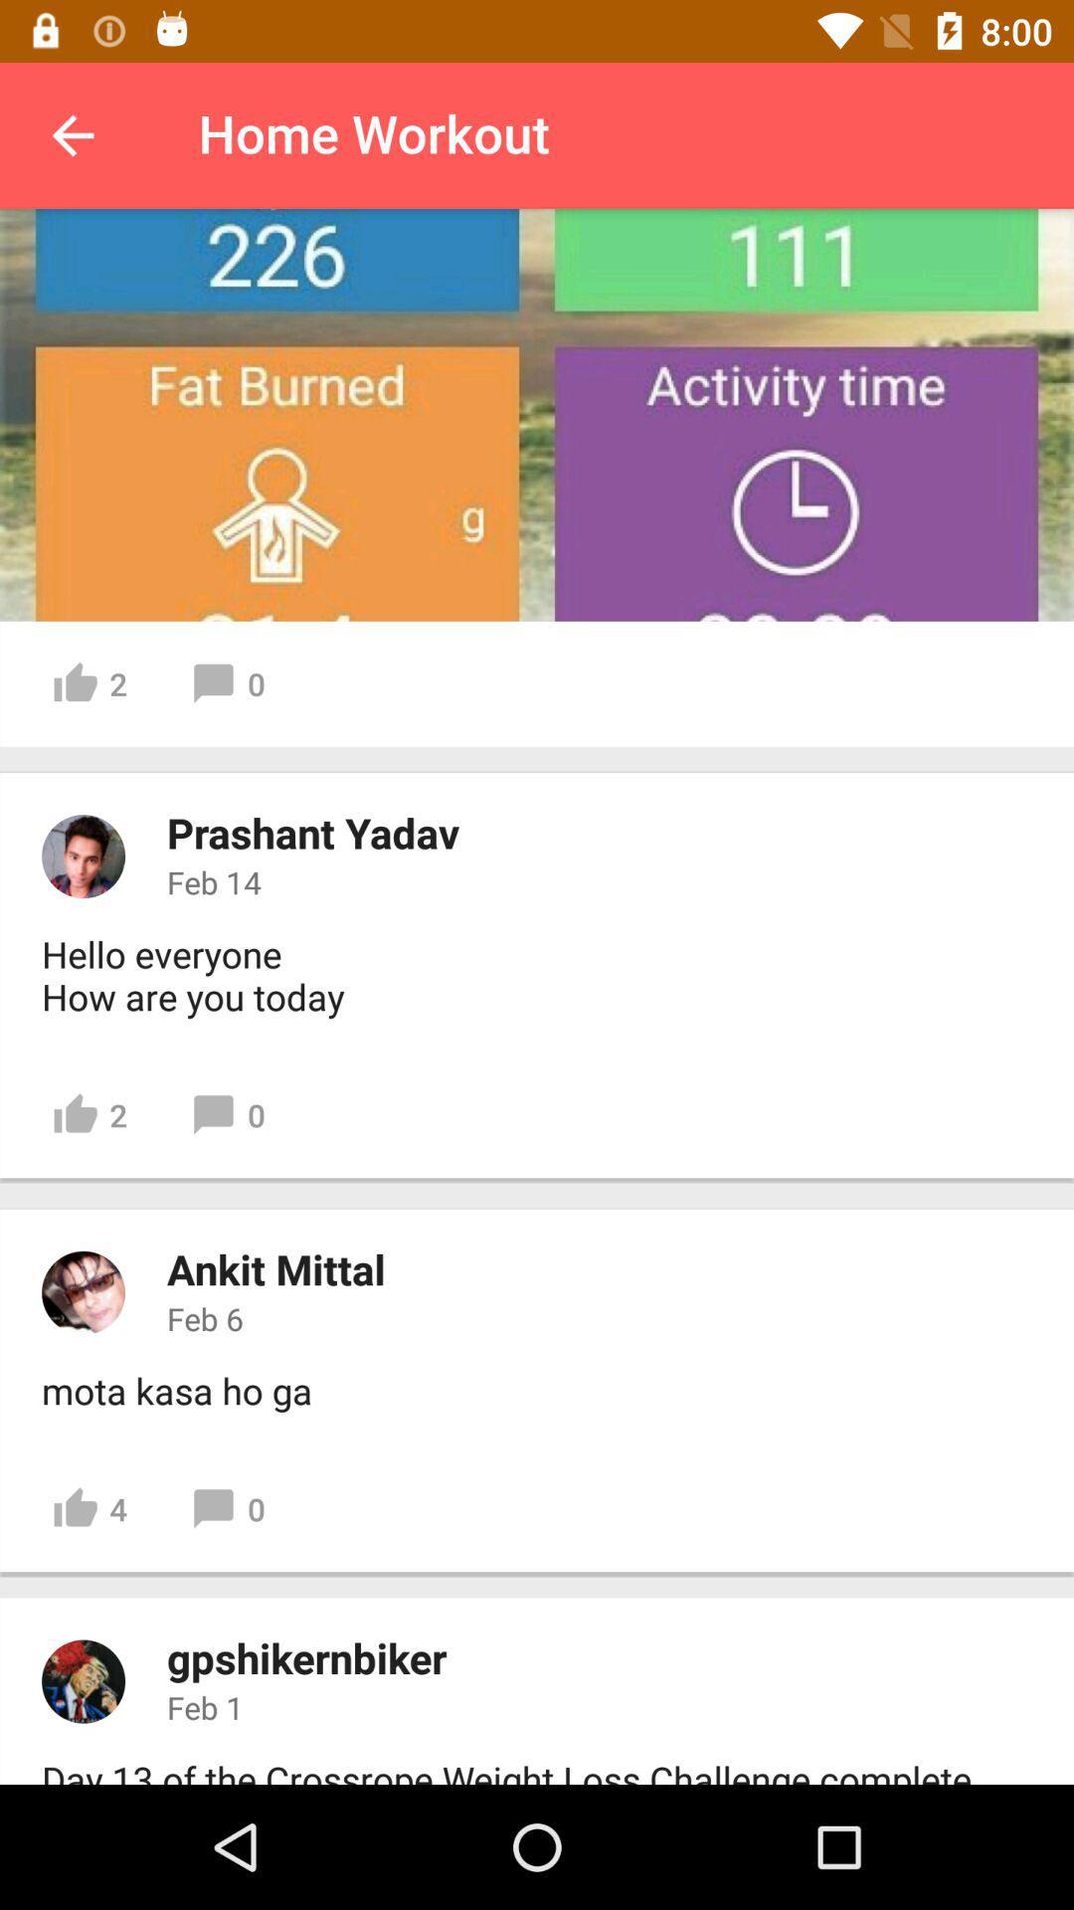 The height and width of the screenshot is (1910, 1074). I want to click on icon below the mota kasa ho item, so click(89, 1509).